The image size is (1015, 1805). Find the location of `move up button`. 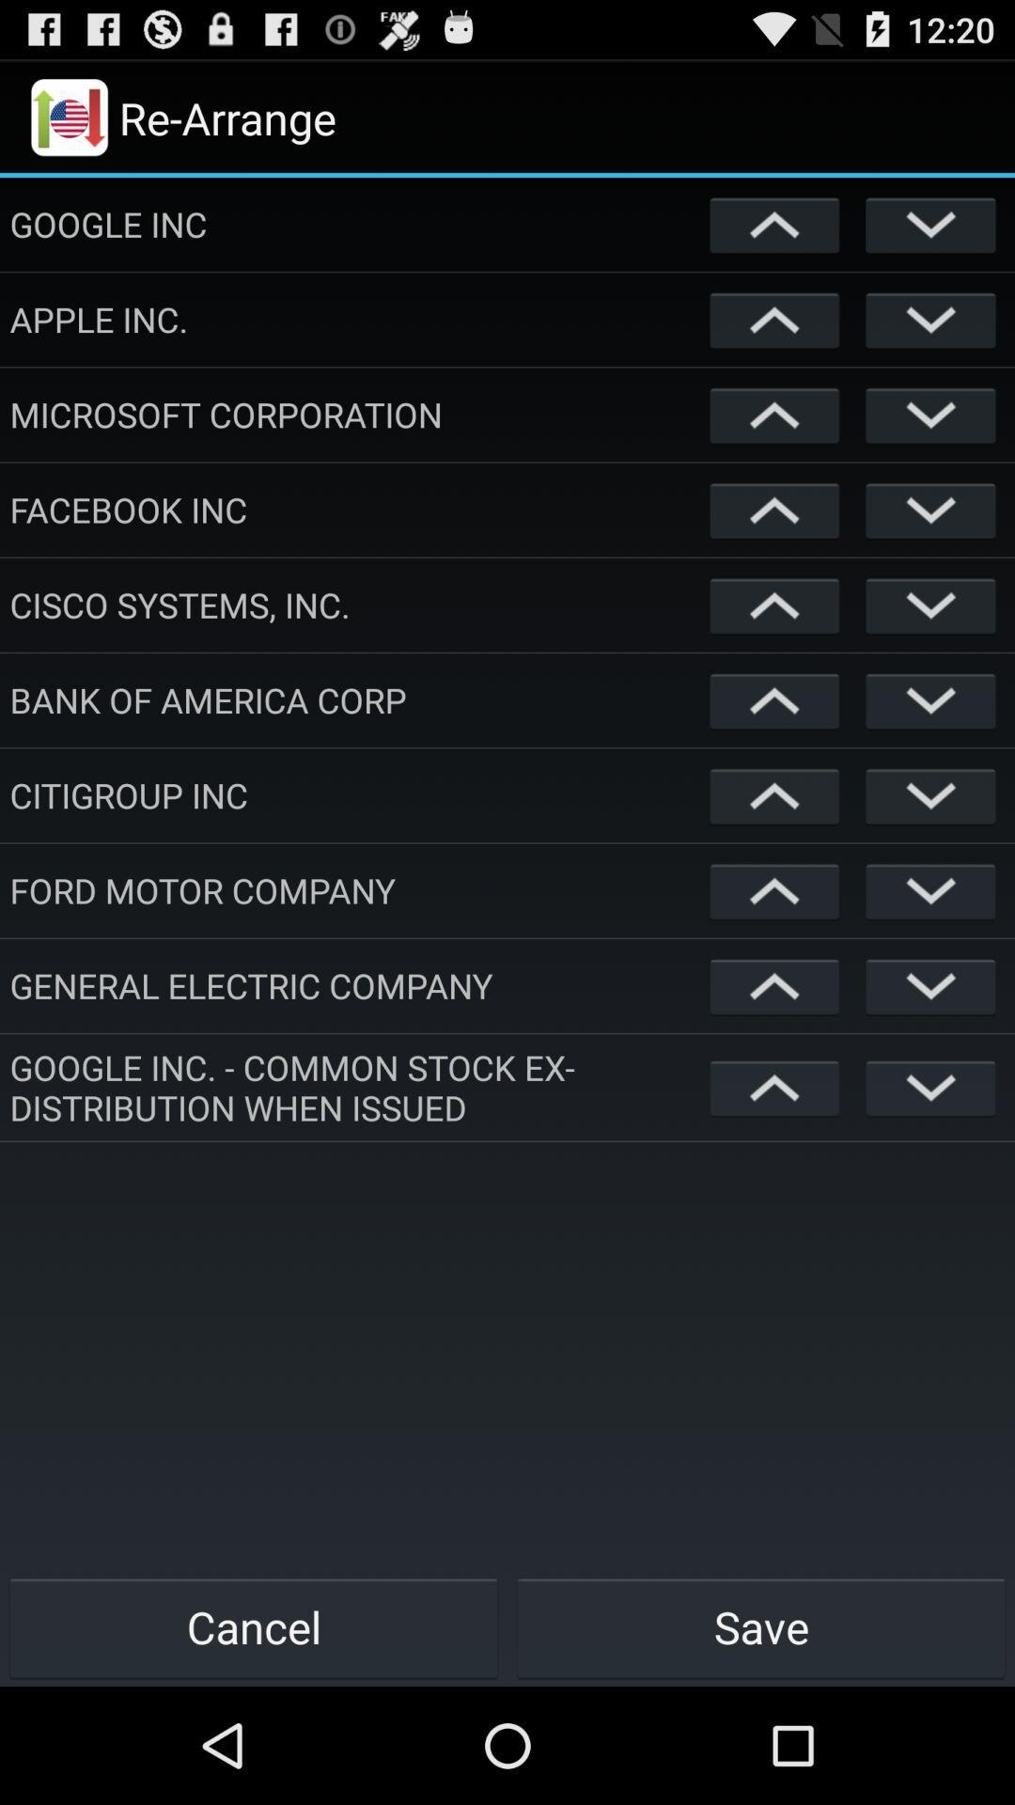

move up button is located at coordinates (774, 510).